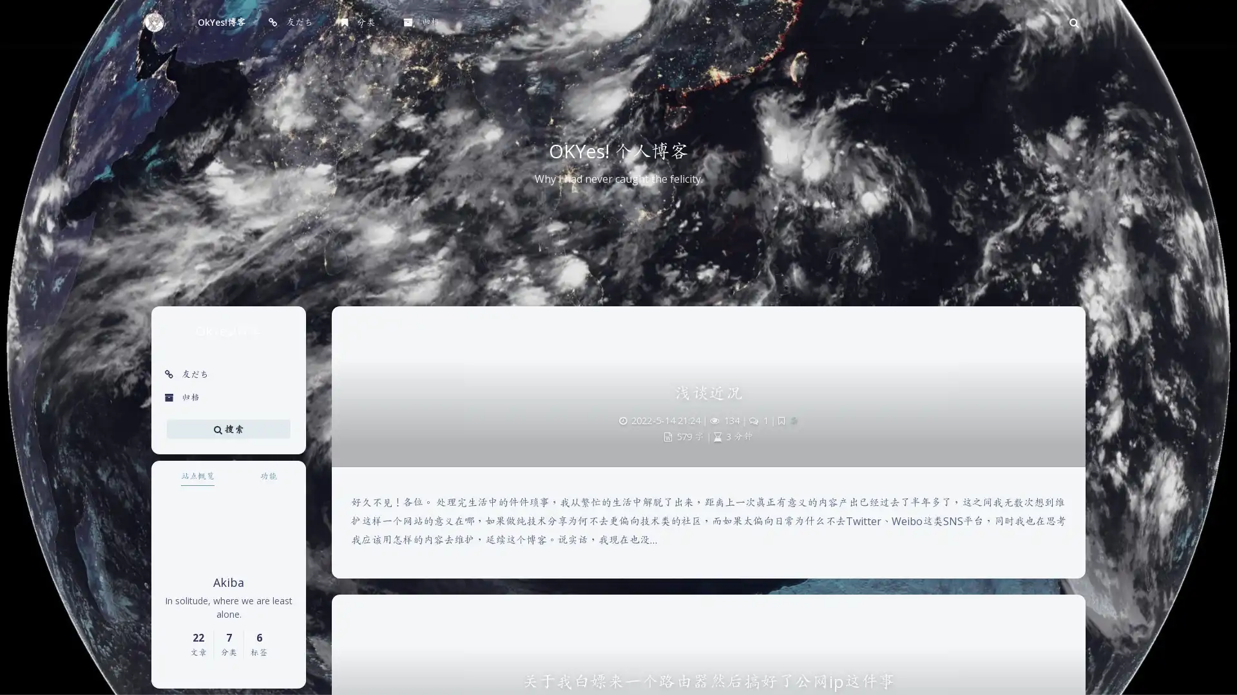  Describe the element at coordinates (1153, 519) in the screenshot. I see `Serif` at that location.